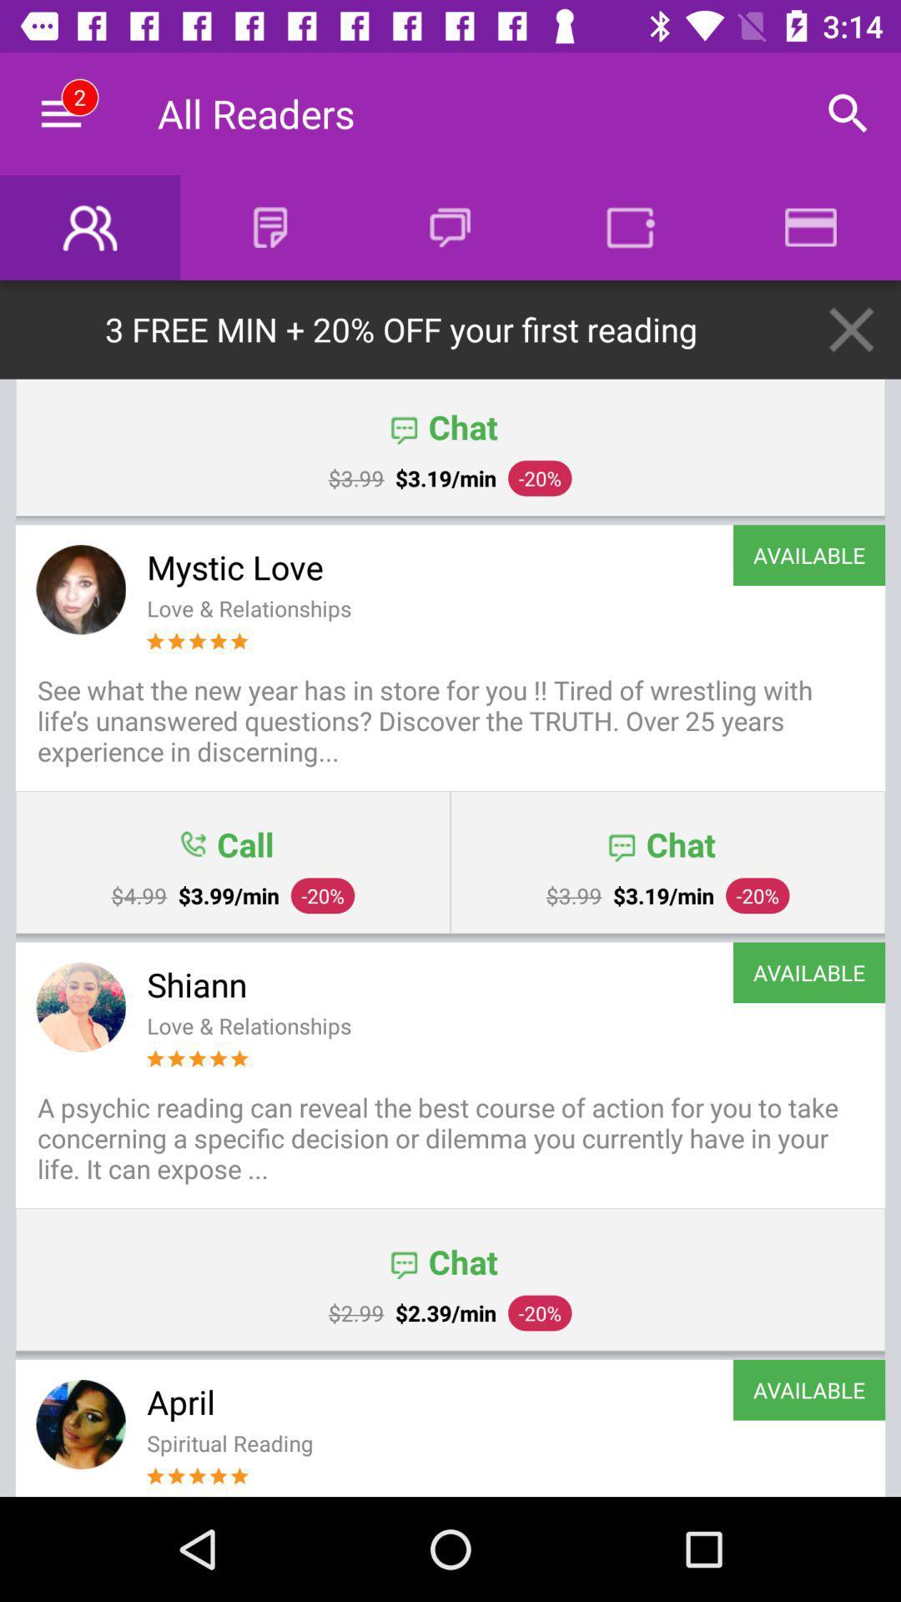 The width and height of the screenshot is (901, 1602). What do you see at coordinates (851, 330) in the screenshot?
I see `the close icon` at bounding box center [851, 330].